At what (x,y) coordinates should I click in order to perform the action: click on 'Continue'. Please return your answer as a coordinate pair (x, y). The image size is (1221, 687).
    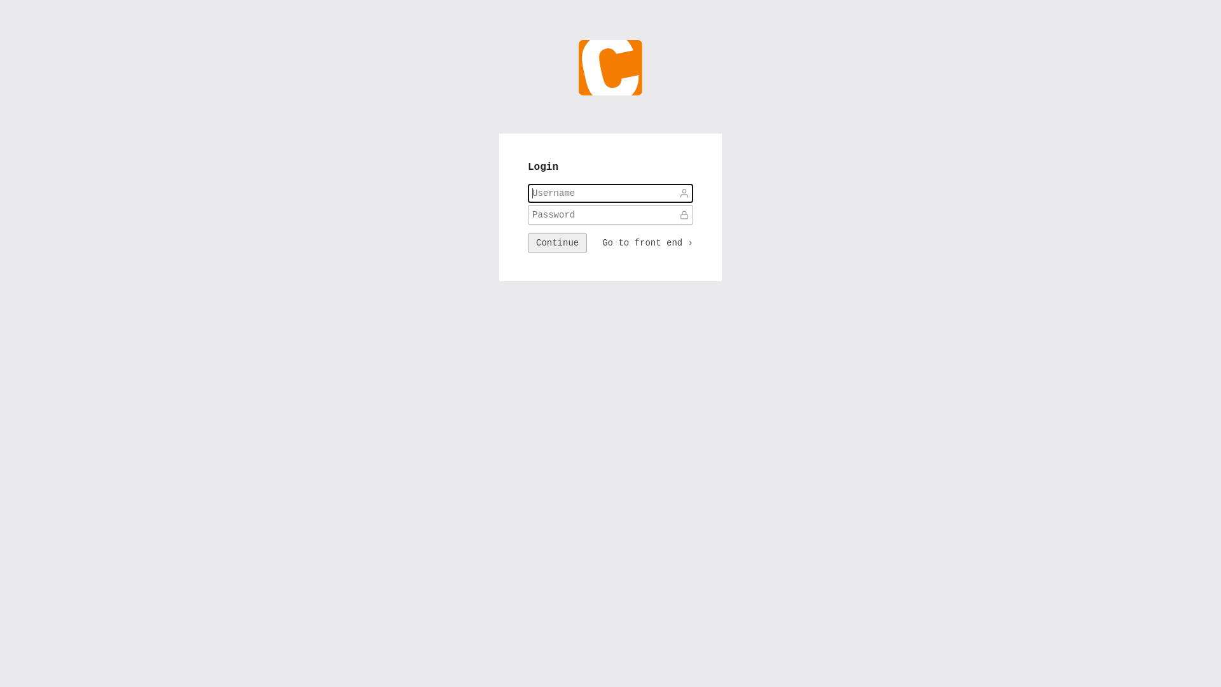
    Looking at the image, I should click on (528, 242).